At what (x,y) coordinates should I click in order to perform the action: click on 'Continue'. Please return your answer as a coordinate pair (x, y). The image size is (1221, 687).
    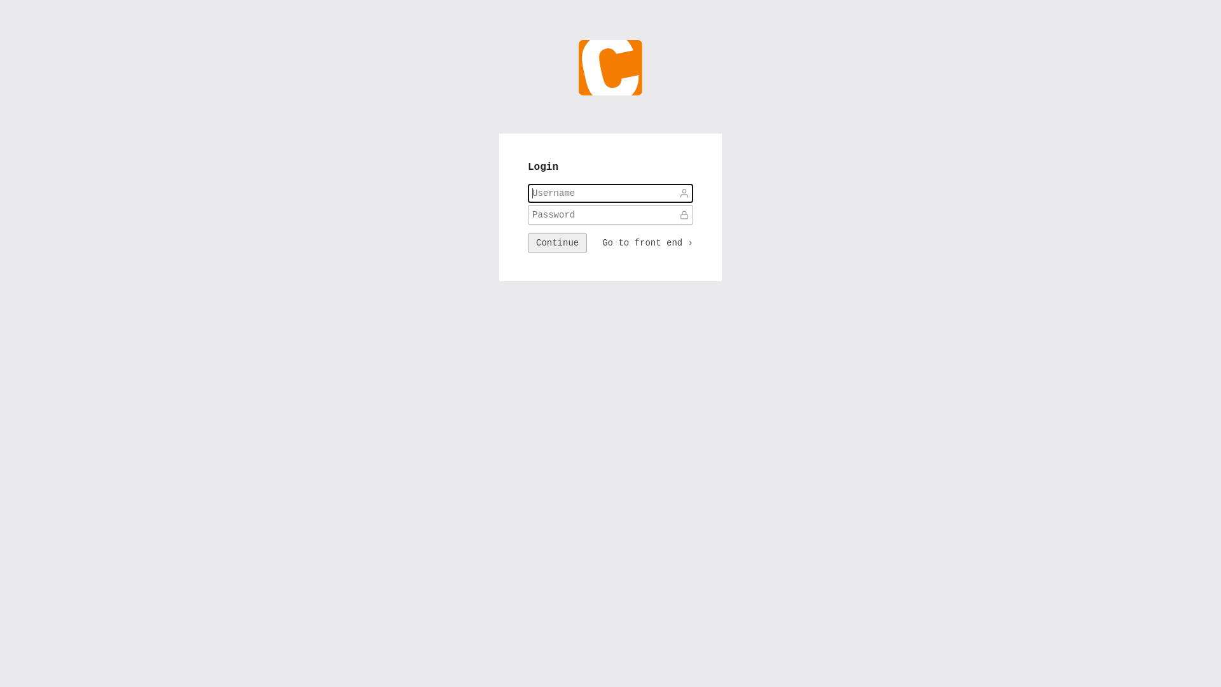
    Looking at the image, I should click on (528, 242).